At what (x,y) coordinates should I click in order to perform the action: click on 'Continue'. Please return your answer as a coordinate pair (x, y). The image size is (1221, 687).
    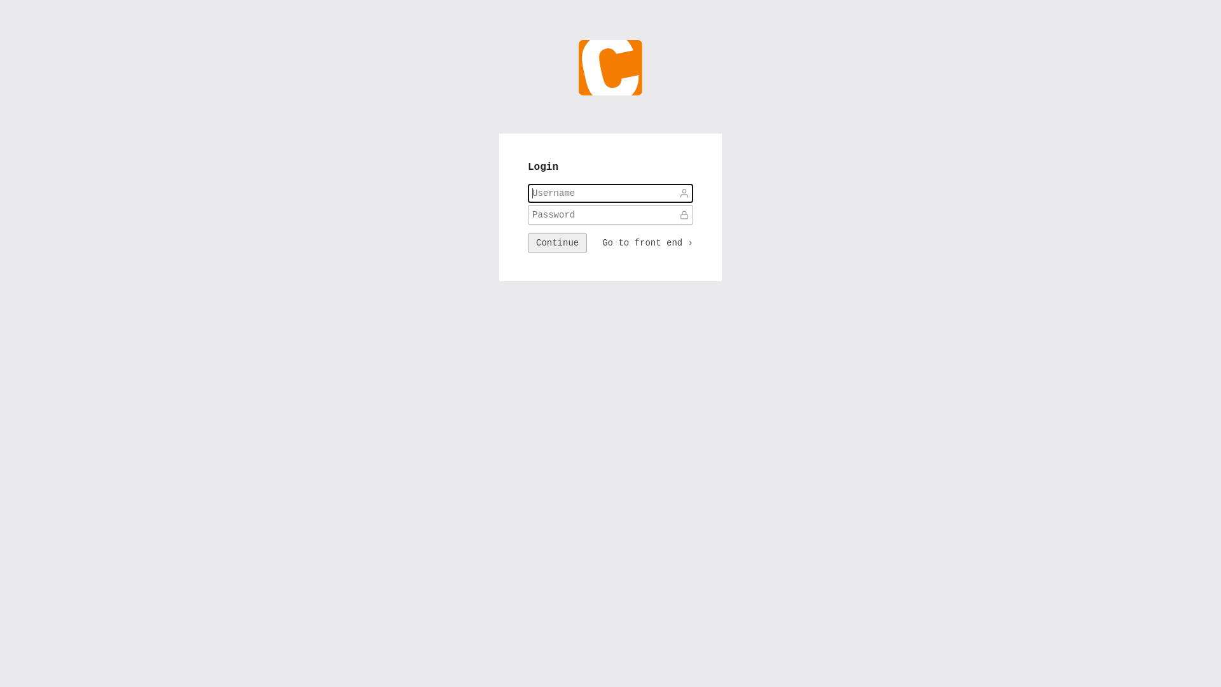
    Looking at the image, I should click on (528, 242).